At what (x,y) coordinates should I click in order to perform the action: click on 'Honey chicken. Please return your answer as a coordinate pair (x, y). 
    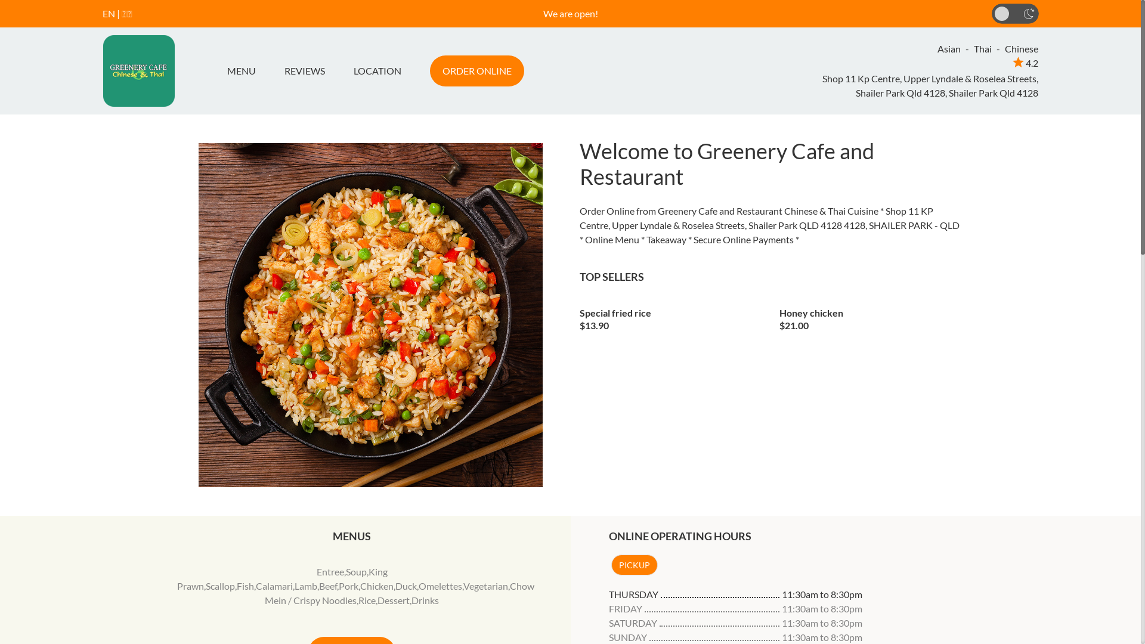
    Looking at the image, I should click on (779, 314).